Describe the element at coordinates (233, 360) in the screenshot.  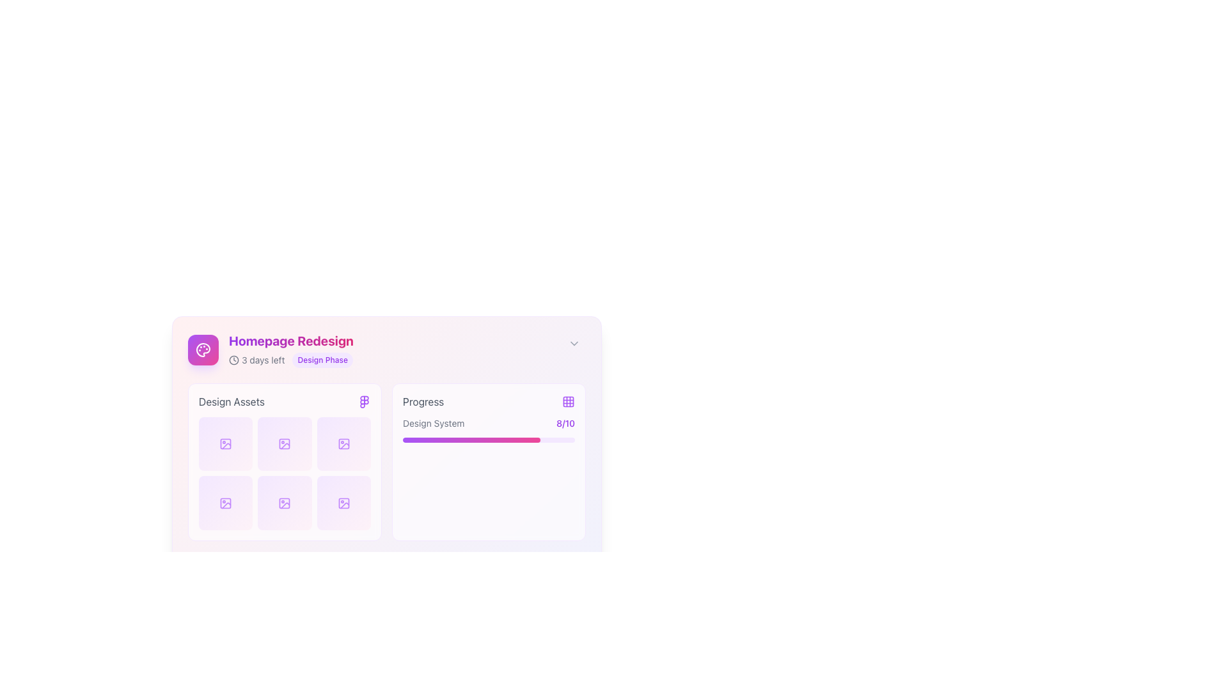
I see `the circular outline of the clock icon located in the top-right region of the 'Homepage Redesign' card` at that location.